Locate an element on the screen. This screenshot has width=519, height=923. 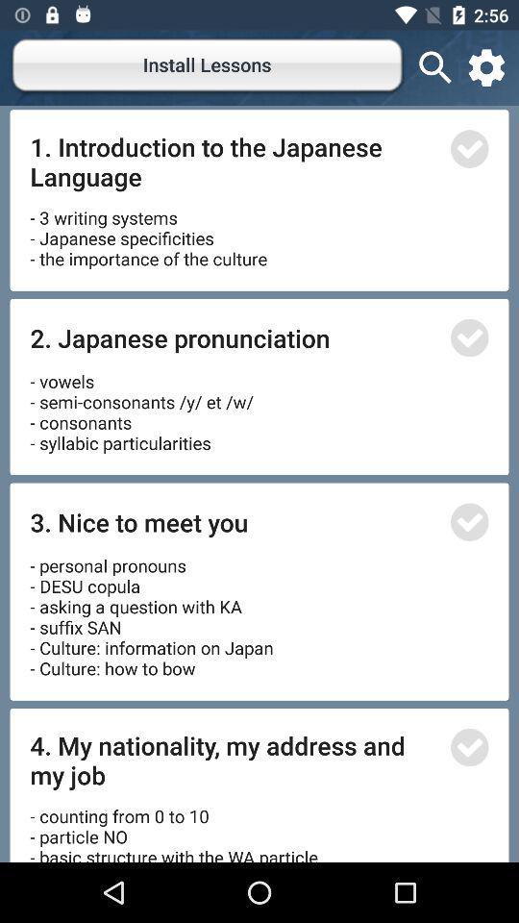
icon below 1 introduction to is located at coordinates (147, 231).